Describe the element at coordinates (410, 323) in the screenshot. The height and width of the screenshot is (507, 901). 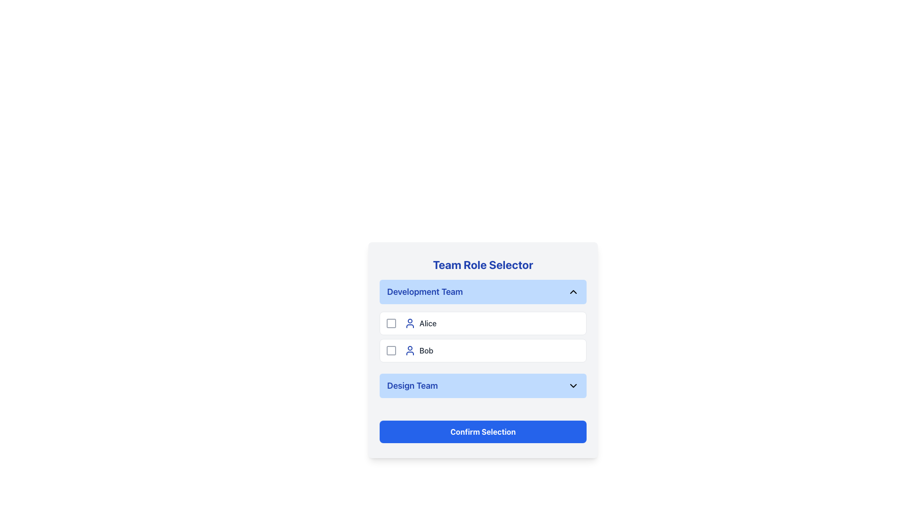
I see `the user icon depicting a person with a circular head and a blue outline, located between a square icon and the text 'Alice' in the 'Development Team' section` at that location.